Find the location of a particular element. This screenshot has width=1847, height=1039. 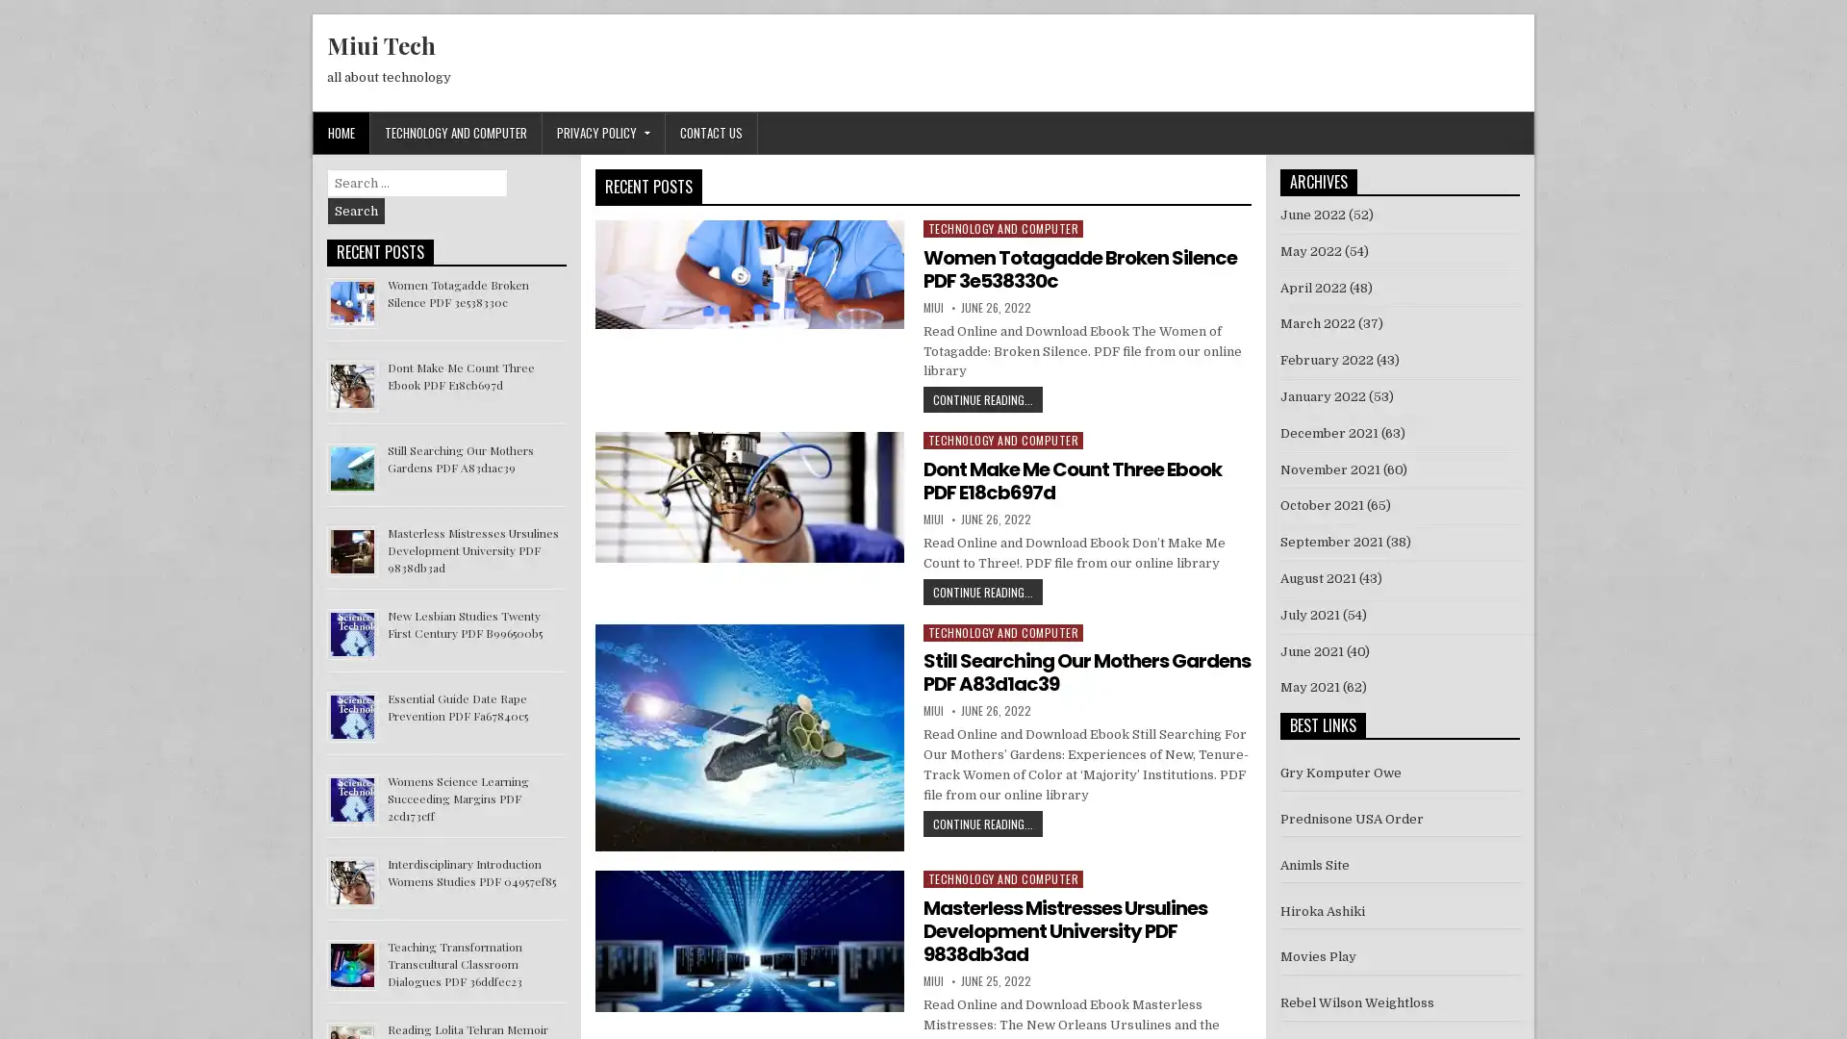

Search is located at coordinates (356, 211).